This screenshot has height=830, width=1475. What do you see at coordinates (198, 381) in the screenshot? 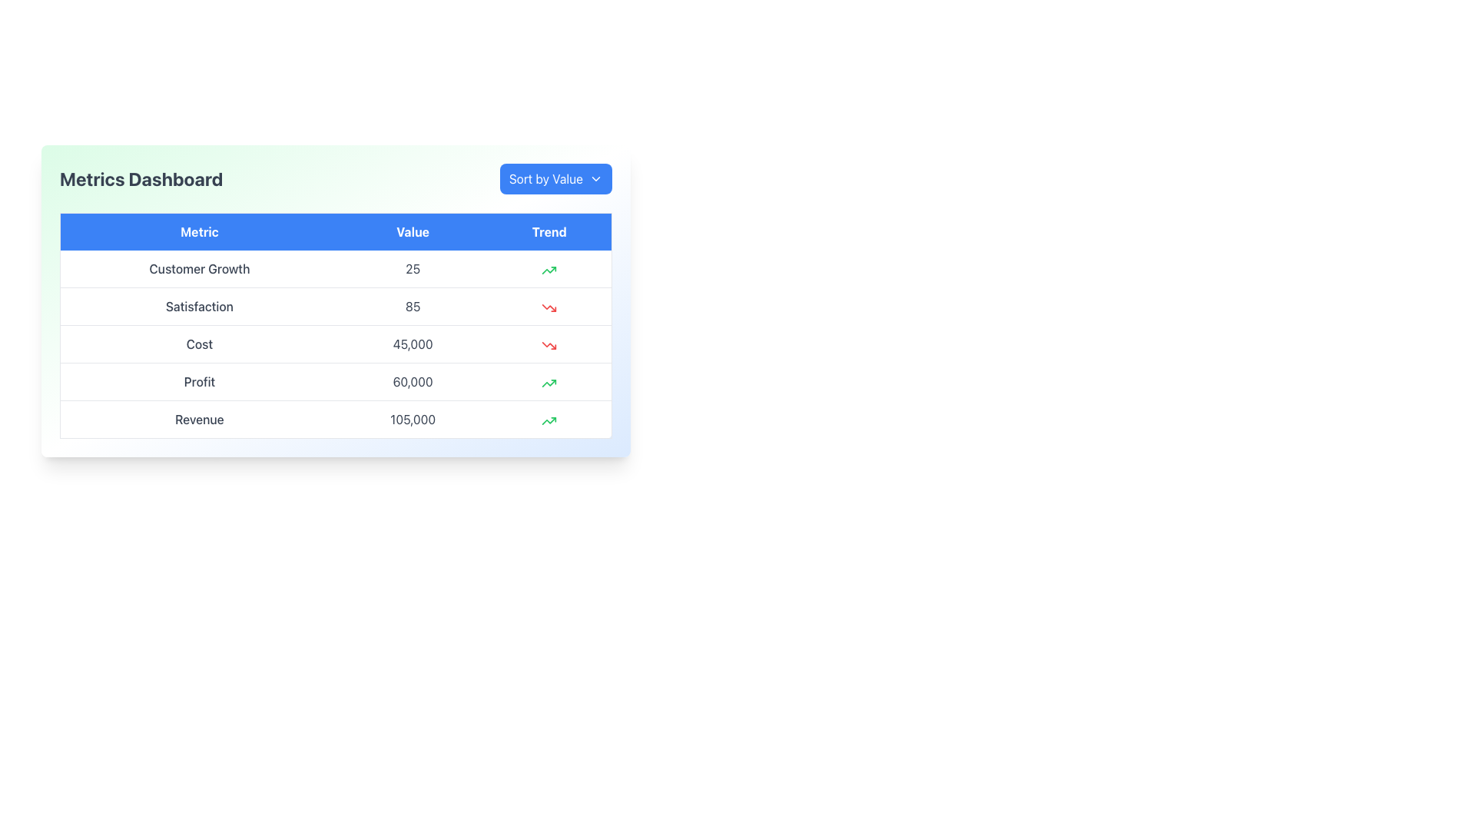
I see `the text label 'Profit' located in the fourth row of the table under the 'Metric' column` at bounding box center [198, 381].